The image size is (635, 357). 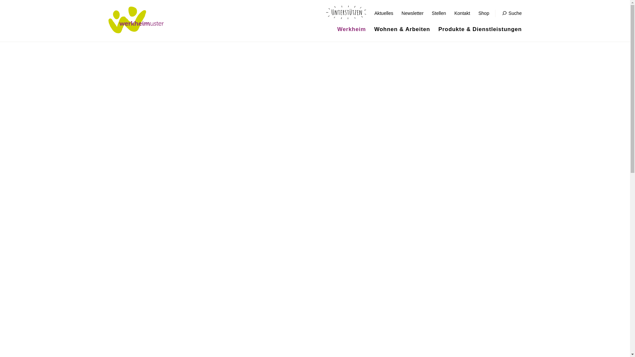 What do you see at coordinates (384, 13) in the screenshot?
I see `'Aktuelles'` at bounding box center [384, 13].